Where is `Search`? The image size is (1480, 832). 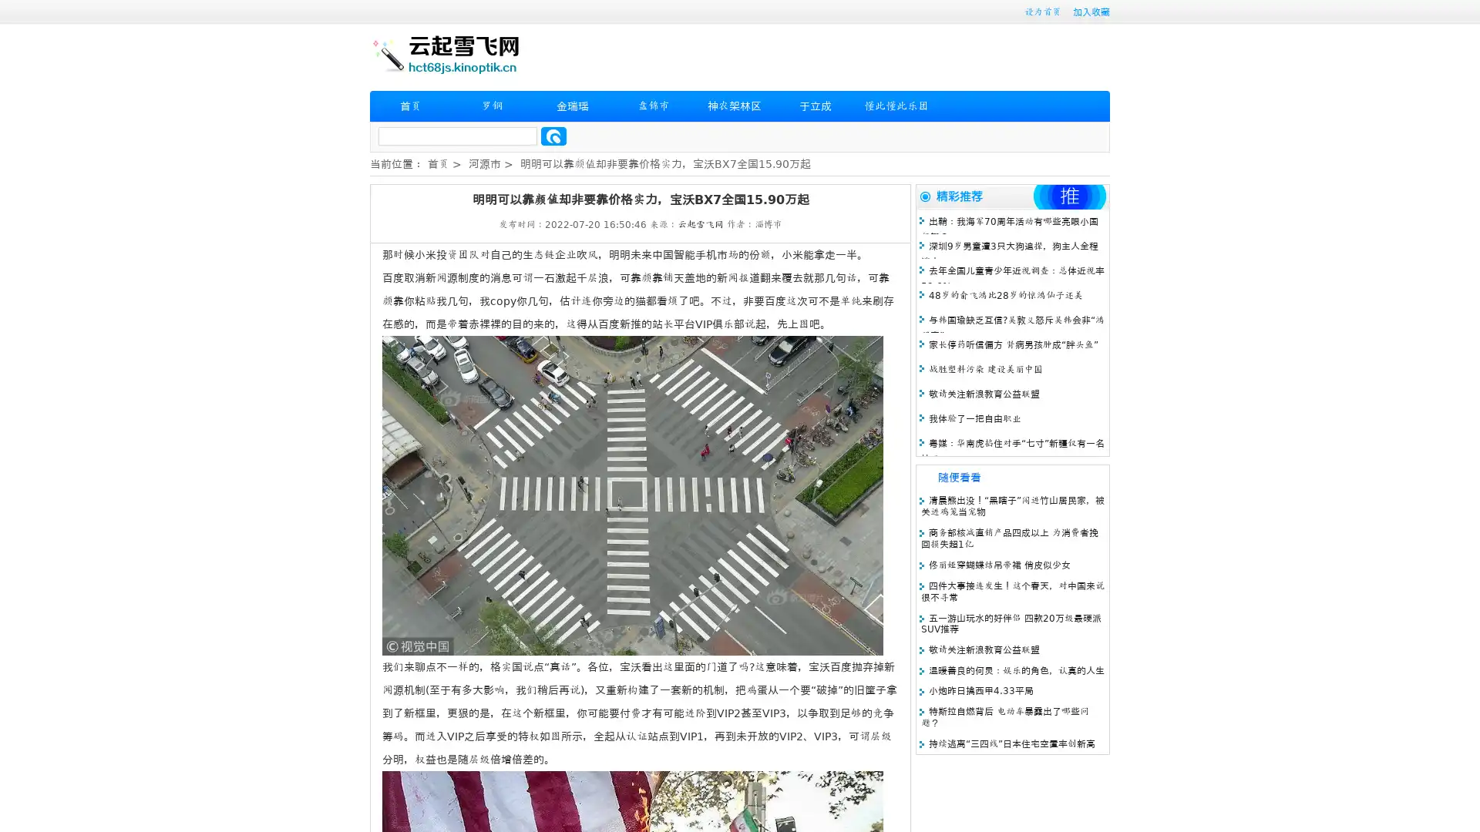 Search is located at coordinates (553, 136).